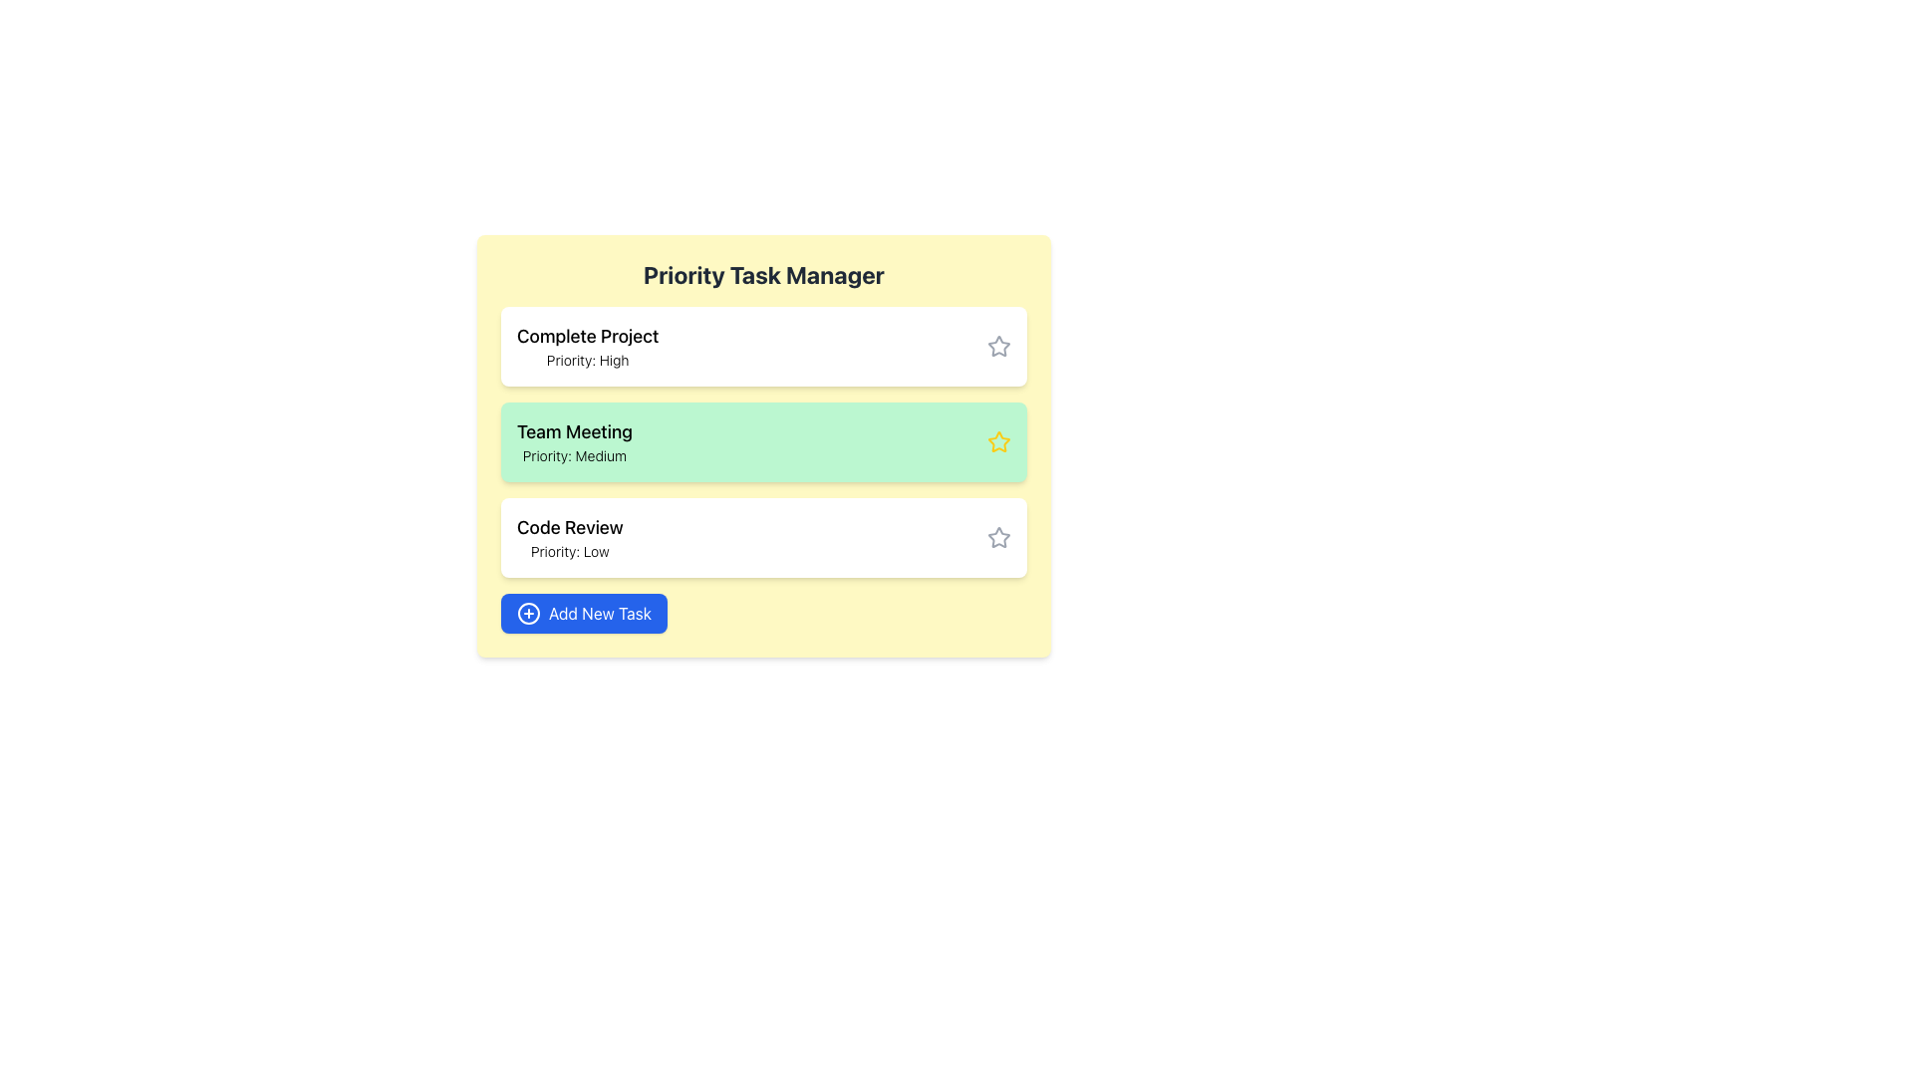 Image resolution: width=1913 pixels, height=1076 pixels. What do you see at coordinates (573, 456) in the screenshot?
I see `the static text label displaying 'Priority: Medium' which is centrally aligned within a green background and located below 'Team Meeting'` at bounding box center [573, 456].